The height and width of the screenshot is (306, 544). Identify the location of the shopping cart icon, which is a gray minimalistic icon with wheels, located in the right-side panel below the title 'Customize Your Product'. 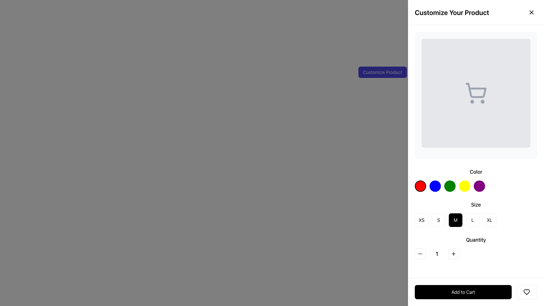
(476, 93).